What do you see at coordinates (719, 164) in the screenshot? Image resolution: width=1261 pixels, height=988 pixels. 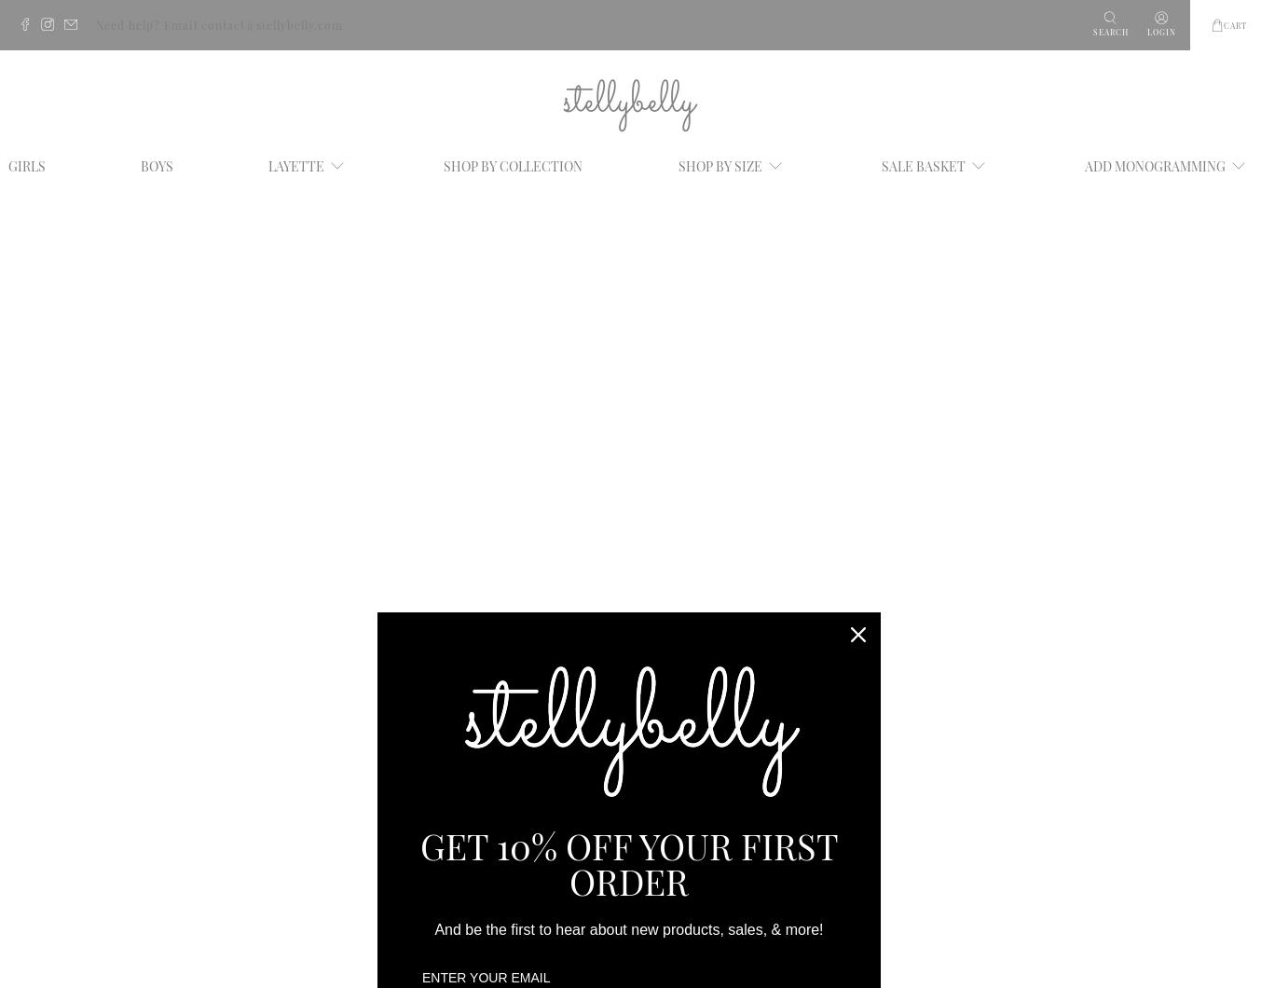 I see `'SHOP BY SIZE'` at bounding box center [719, 164].